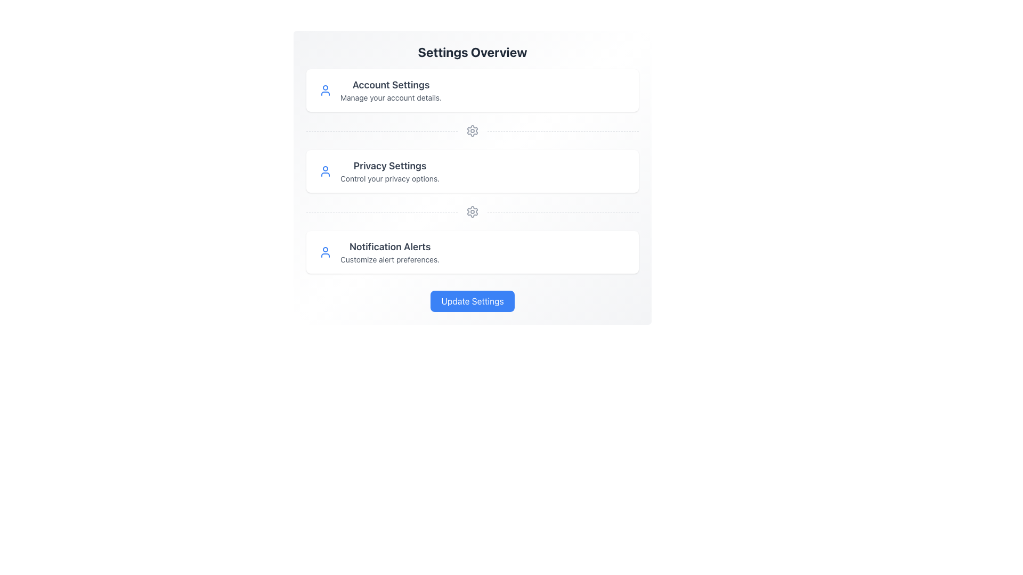 This screenshot has height=575, width=1023. What do you see at coordinates (391, 98) in the screenshot?
I see `the informational Text label located directly below the 'Account Settings' label on the 'Settings Overview' page` at bounding box center [391, 98].